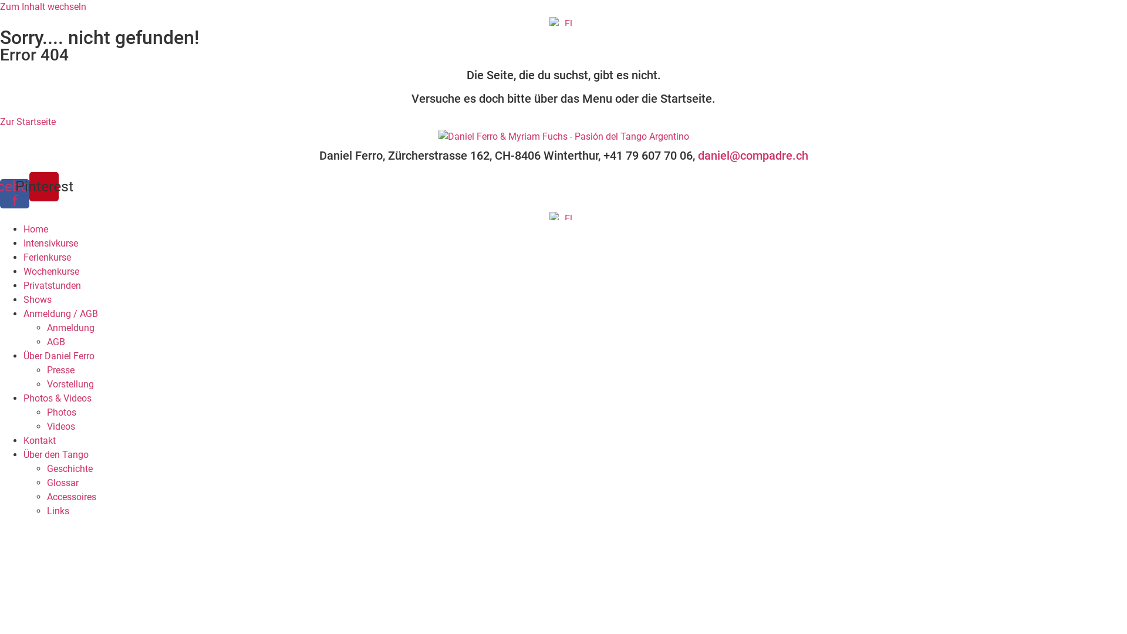  Describe the element at coordinates (14, 193) in the screenshot. I see `'Facebook-f'` at that location.